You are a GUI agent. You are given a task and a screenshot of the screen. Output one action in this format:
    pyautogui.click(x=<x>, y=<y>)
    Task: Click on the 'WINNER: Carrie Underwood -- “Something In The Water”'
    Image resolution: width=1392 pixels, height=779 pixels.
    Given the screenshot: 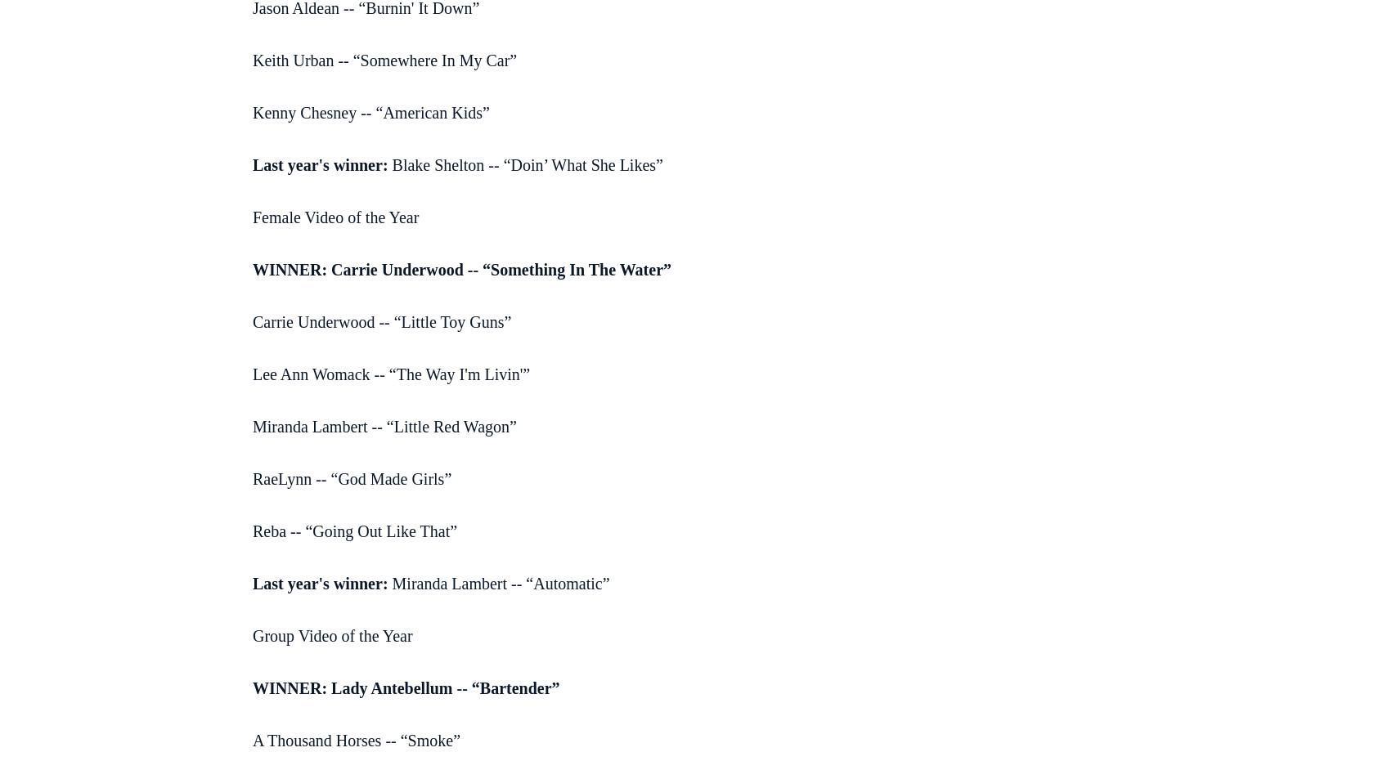 What is the action you would take?
    pyautogui.click(x=253, y=267)
    